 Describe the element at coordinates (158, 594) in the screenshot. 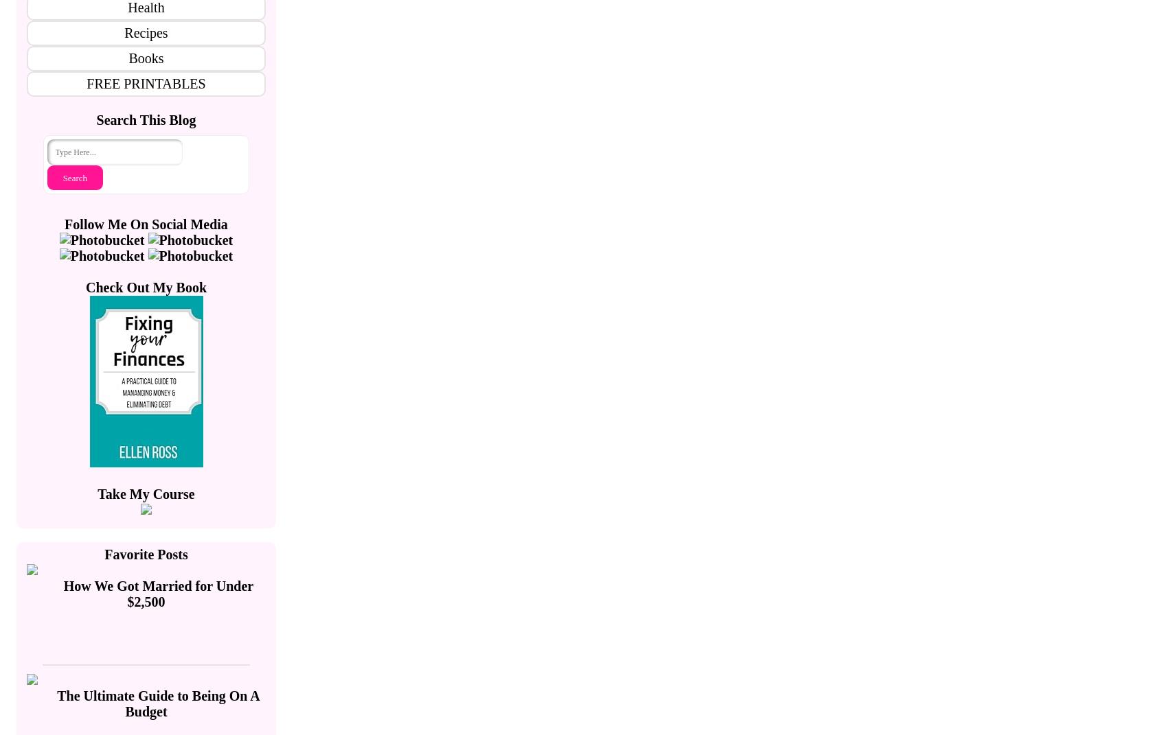

I see `'How We Got Married for Under $2,500'` at that location.